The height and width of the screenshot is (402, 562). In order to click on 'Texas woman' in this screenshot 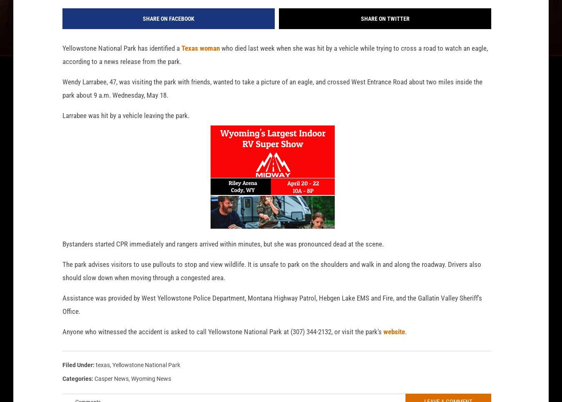, I will do `click(182, 61)`.